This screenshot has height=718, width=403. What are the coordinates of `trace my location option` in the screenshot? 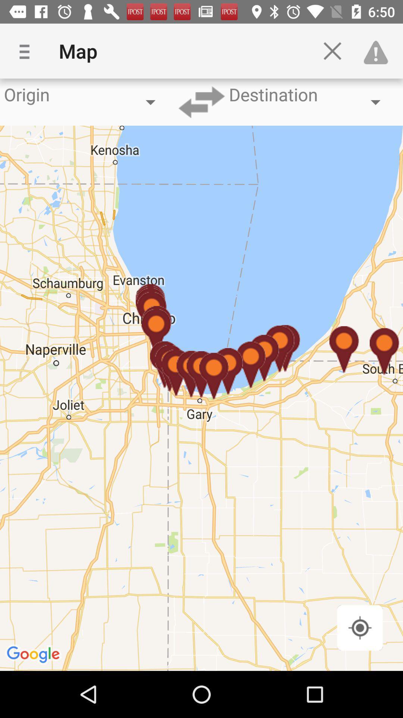 It's located at (359, 628).